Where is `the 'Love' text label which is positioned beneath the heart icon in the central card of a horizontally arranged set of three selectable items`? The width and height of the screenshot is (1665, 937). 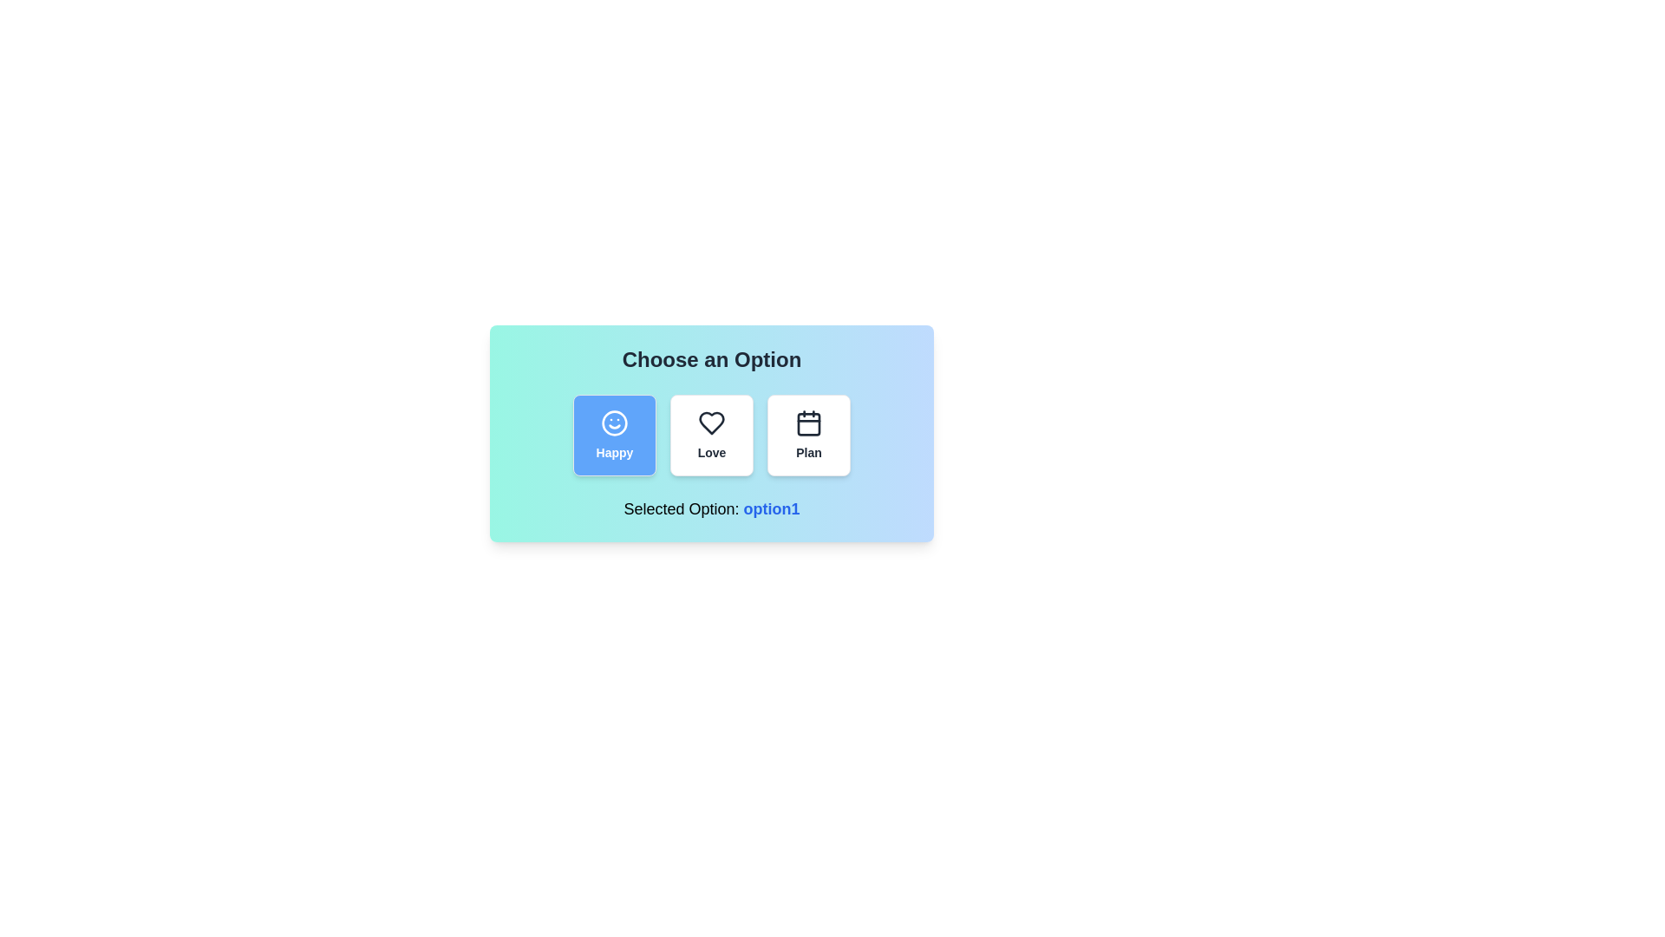 the 'Love' text label which is positioned beneath the heart icon in the central card of a horizontally arranged set of three selectable items is located at coordinates (711, 451).